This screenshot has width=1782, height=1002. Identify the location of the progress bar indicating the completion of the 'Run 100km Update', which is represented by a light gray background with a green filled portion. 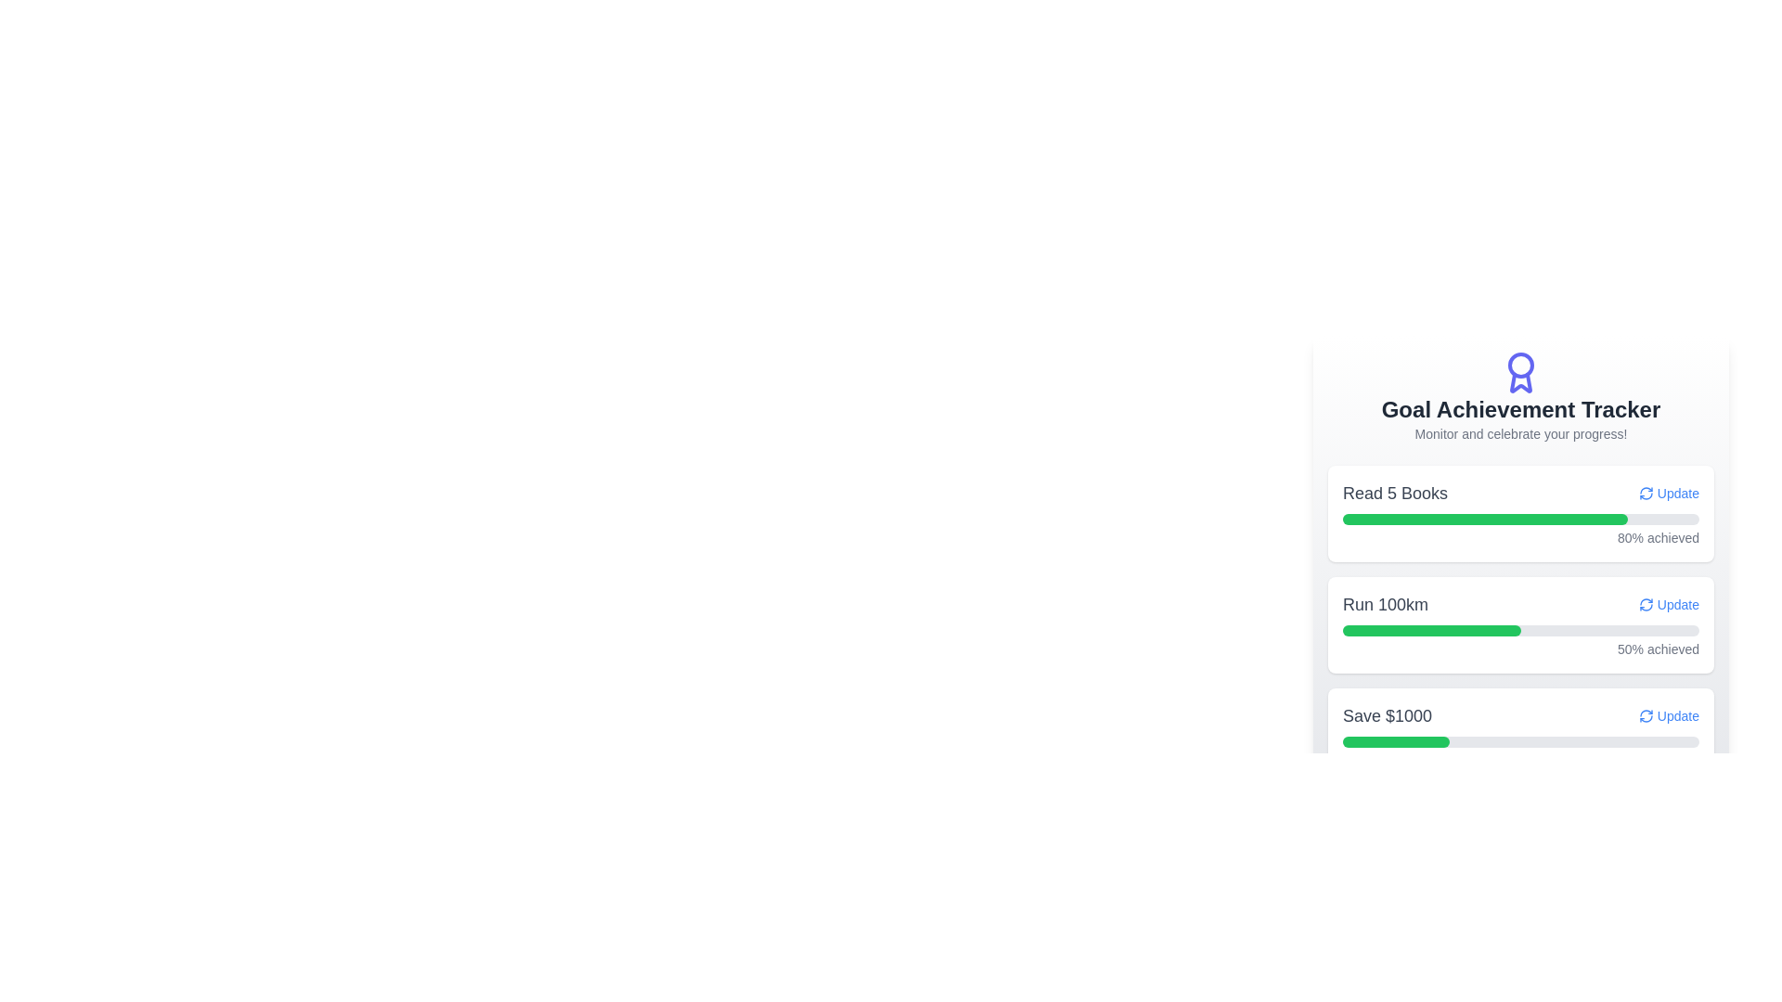
(1520, 629).